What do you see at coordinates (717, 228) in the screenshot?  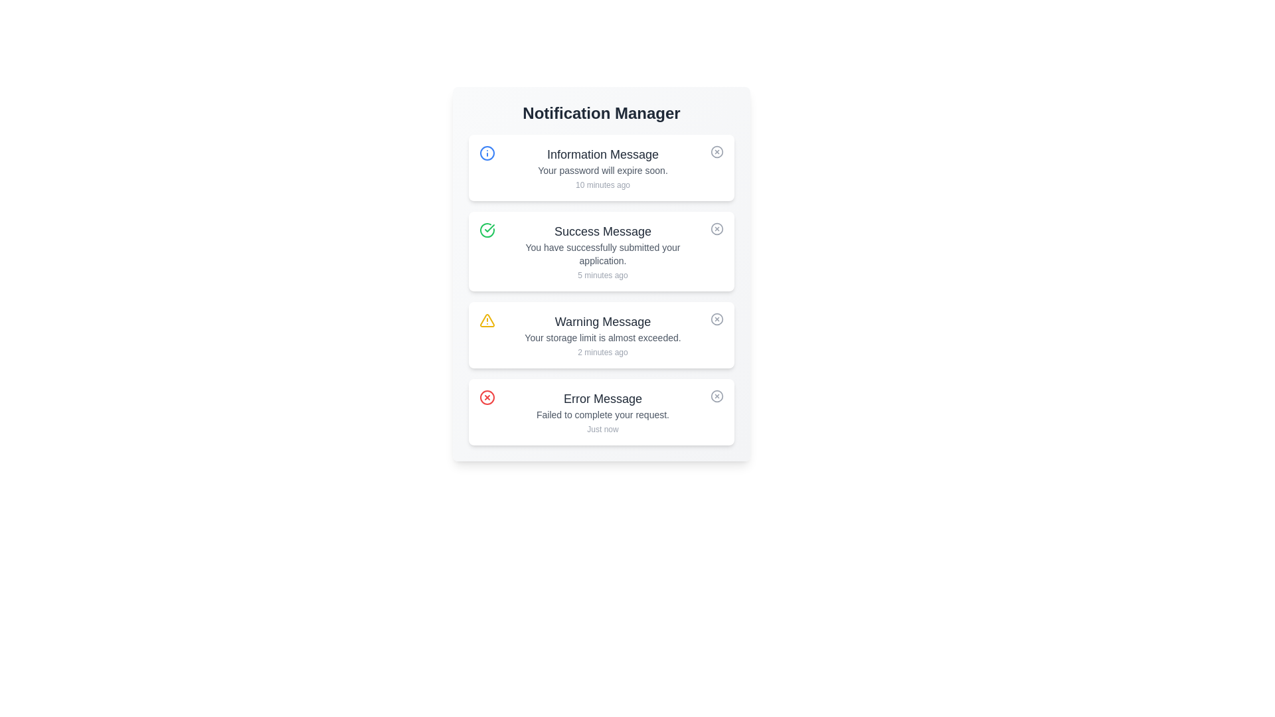 I see `the Close Button/Icon, which is a circular button with a cross symbol, positioned at the top-right corner of the 'Success Message' notification box, to change its color from light gray to red` at bounding box center [717, 228].